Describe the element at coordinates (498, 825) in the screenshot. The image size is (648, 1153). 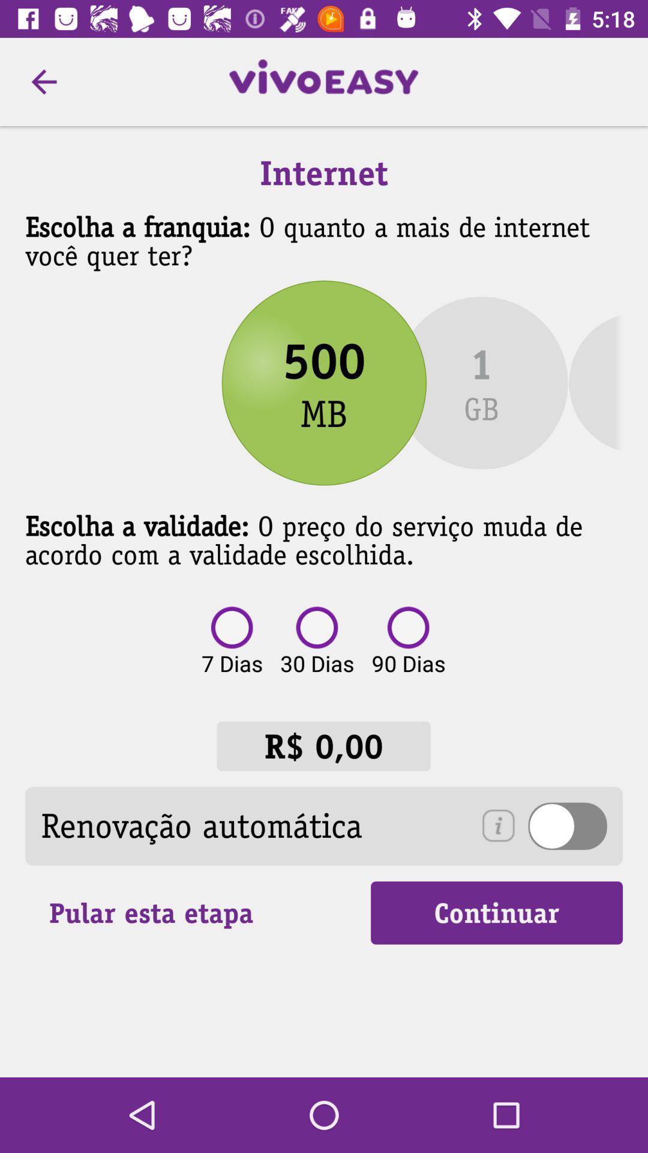
I see `the info icon` at that location.